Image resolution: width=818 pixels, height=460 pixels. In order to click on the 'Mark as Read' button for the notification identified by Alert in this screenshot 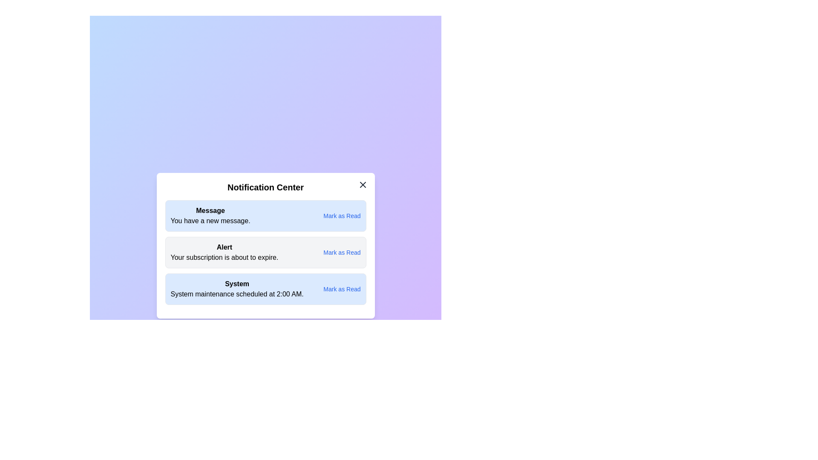, I will do `click(342, 252)`.